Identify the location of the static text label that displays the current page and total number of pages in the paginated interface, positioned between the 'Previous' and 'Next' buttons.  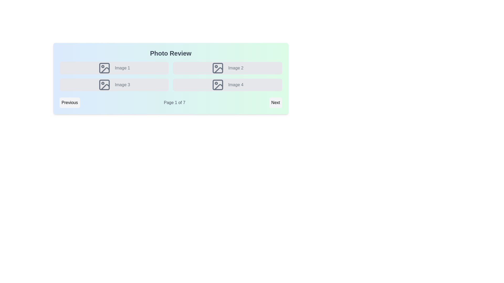
(175, 103).